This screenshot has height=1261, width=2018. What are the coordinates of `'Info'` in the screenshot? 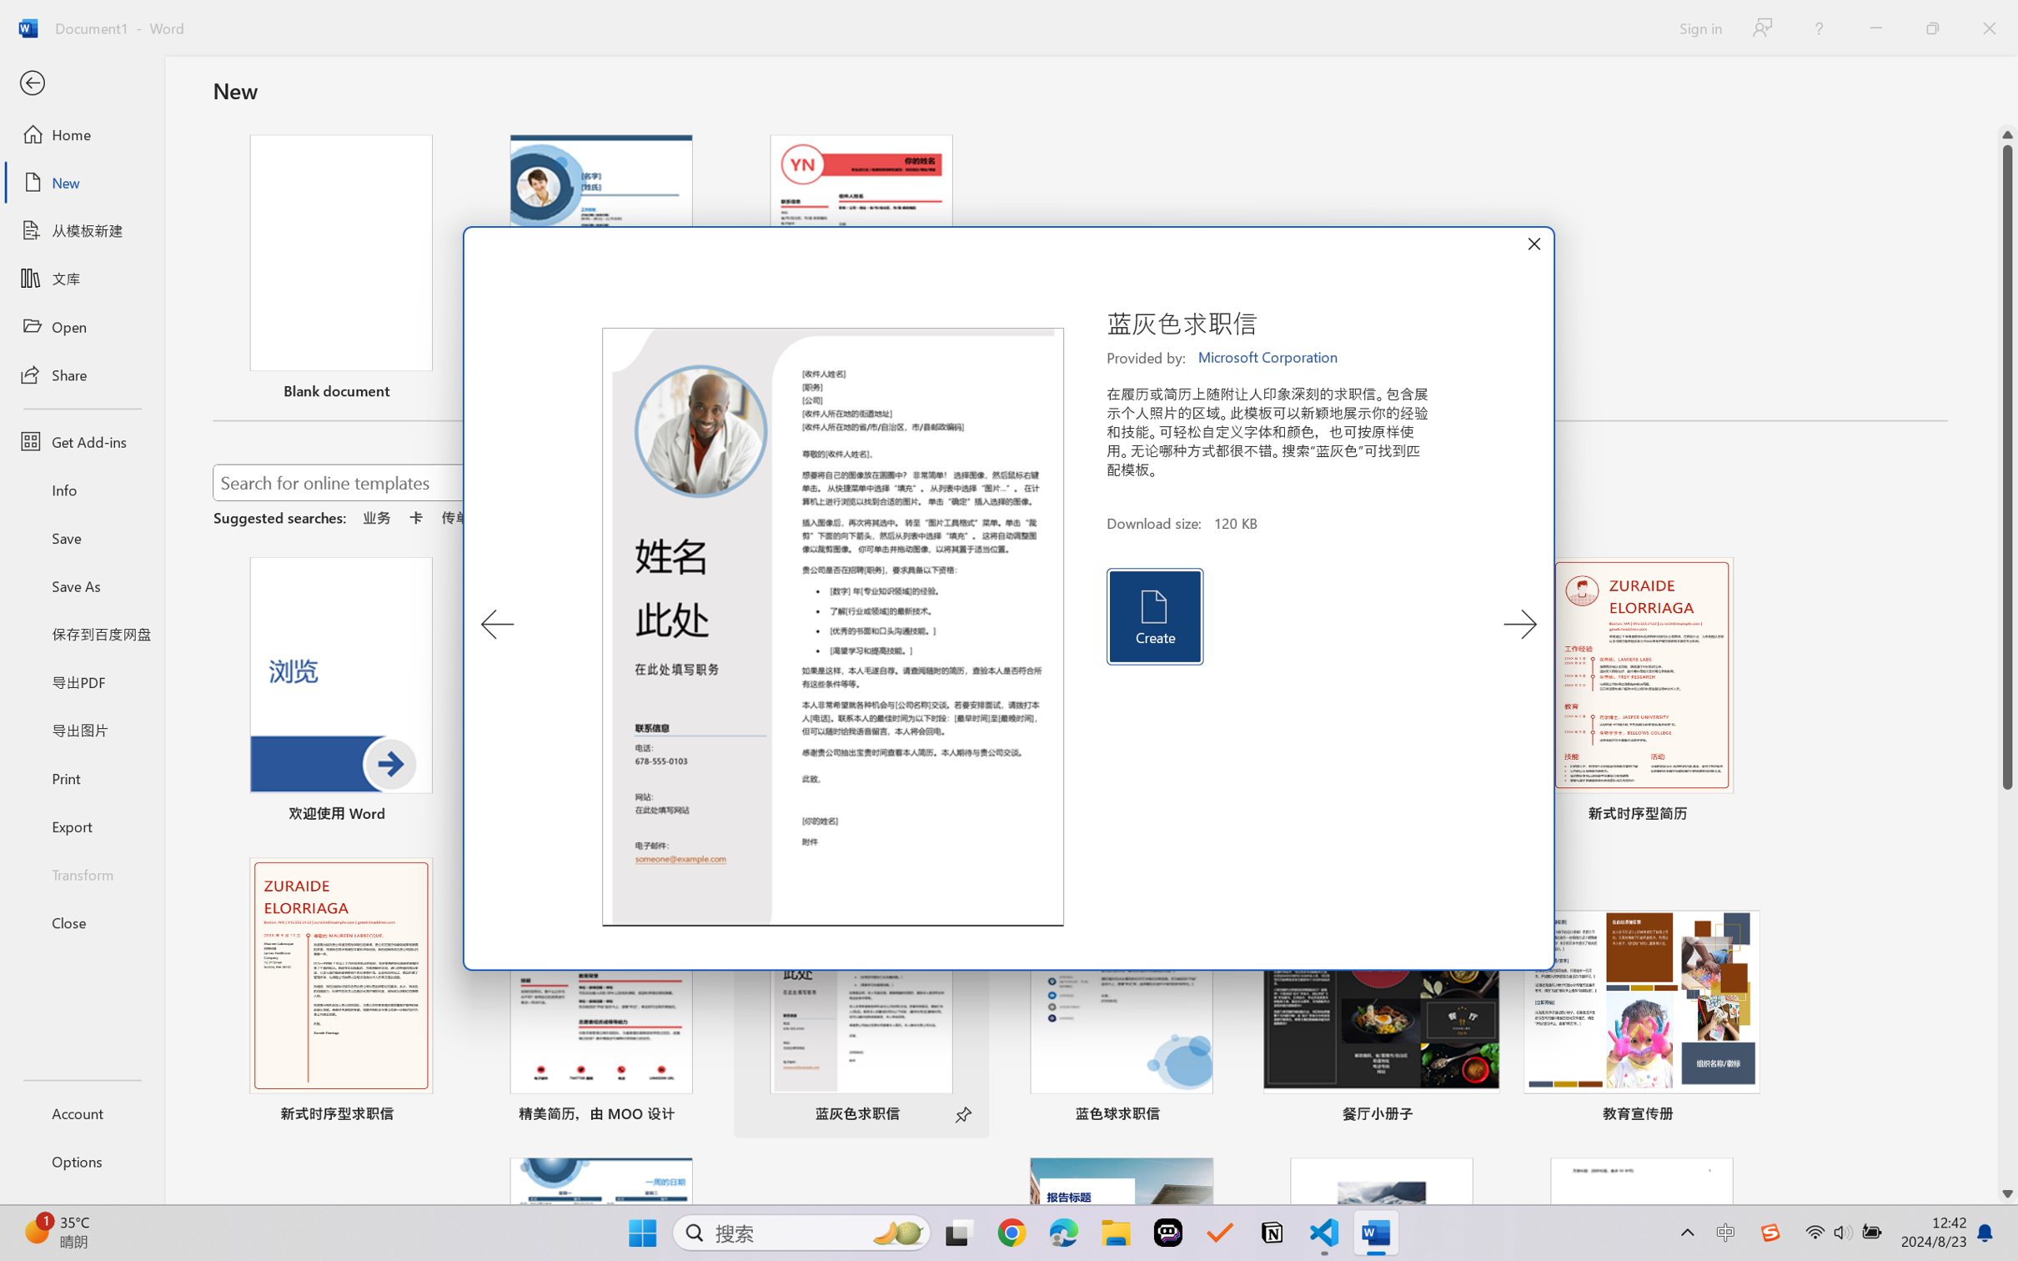 It's located at (81, 489).